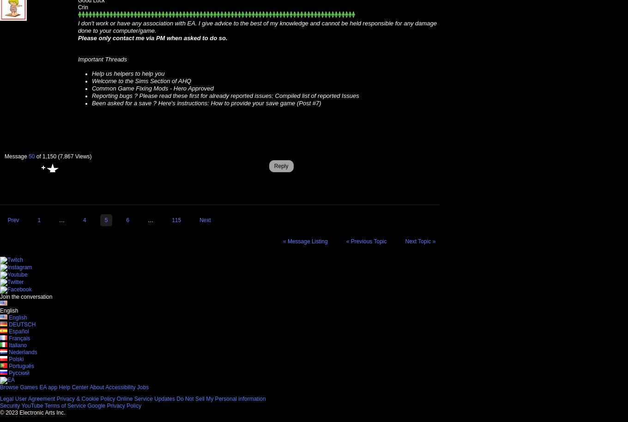 The image size is (628, 422). Describe the element at coordinates (136, 387) in the screenshot. I see `'Jobs'` at that location.